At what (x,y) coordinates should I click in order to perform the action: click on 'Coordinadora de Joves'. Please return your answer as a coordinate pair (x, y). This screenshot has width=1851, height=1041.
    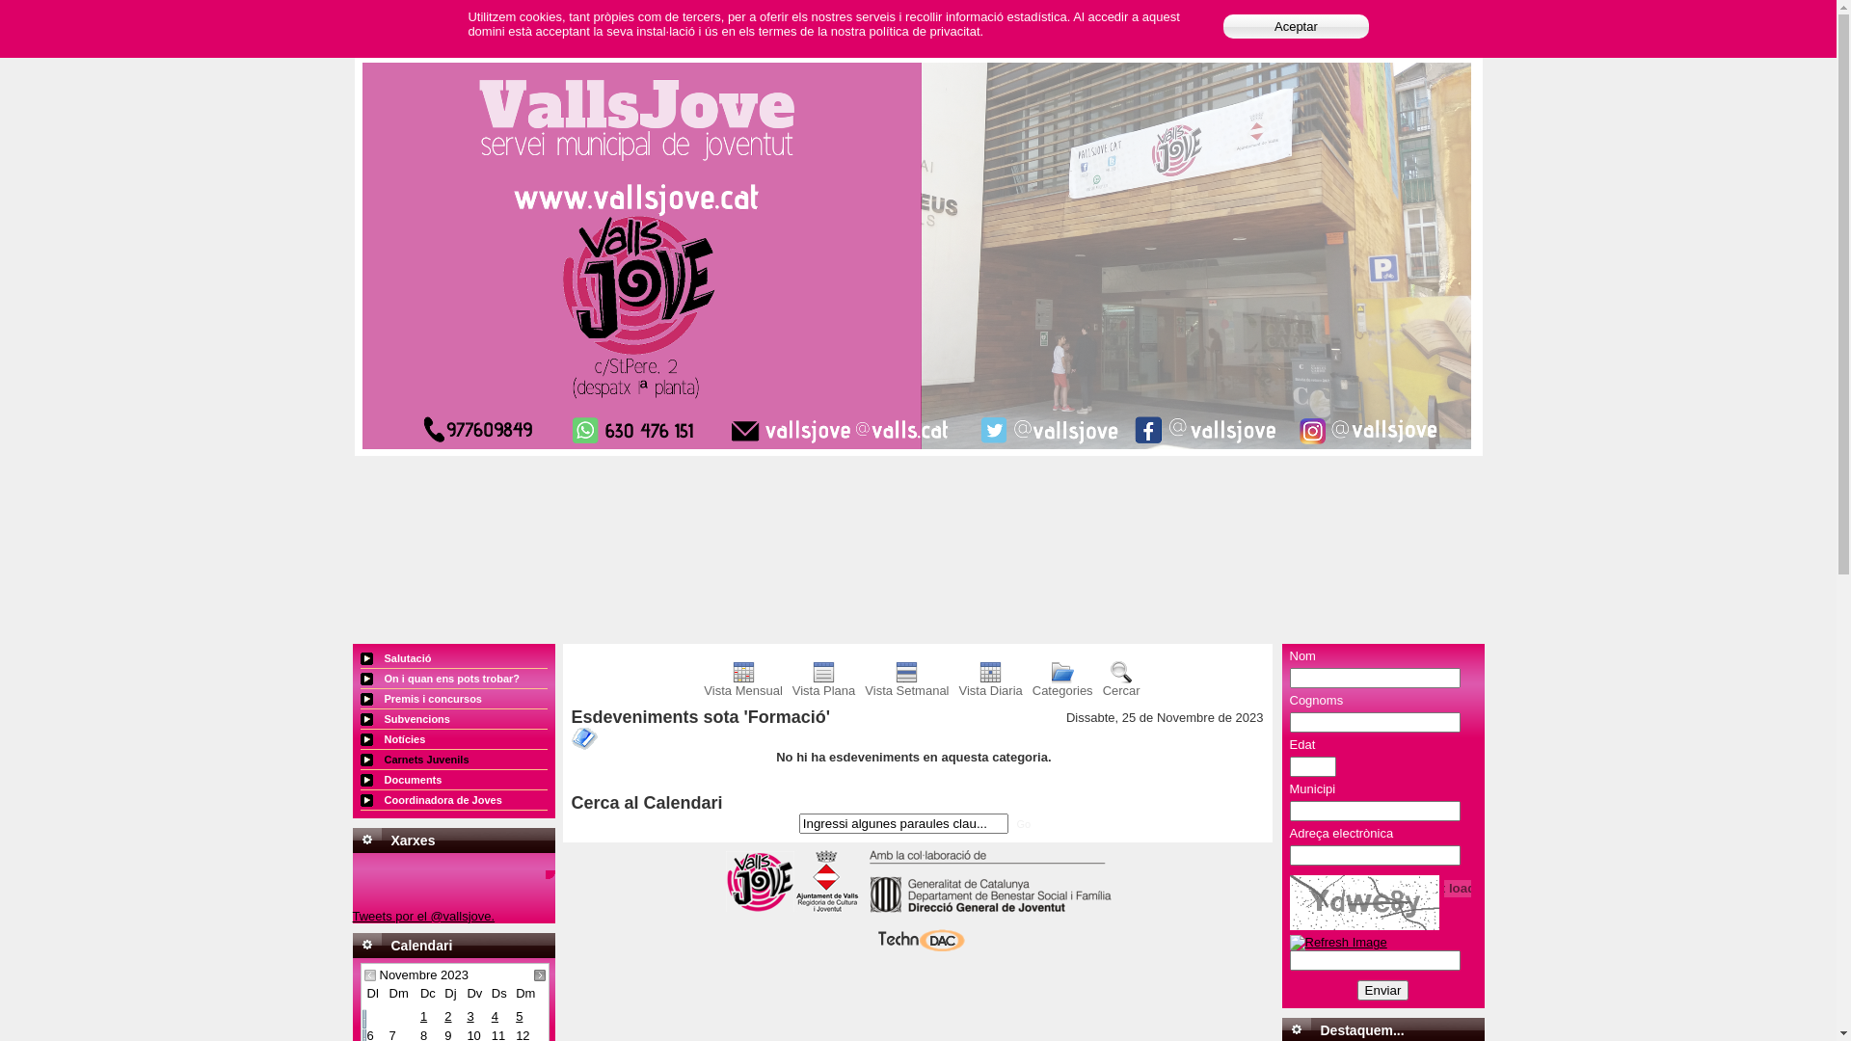
    Looking at the image, I should click on (452, 800).